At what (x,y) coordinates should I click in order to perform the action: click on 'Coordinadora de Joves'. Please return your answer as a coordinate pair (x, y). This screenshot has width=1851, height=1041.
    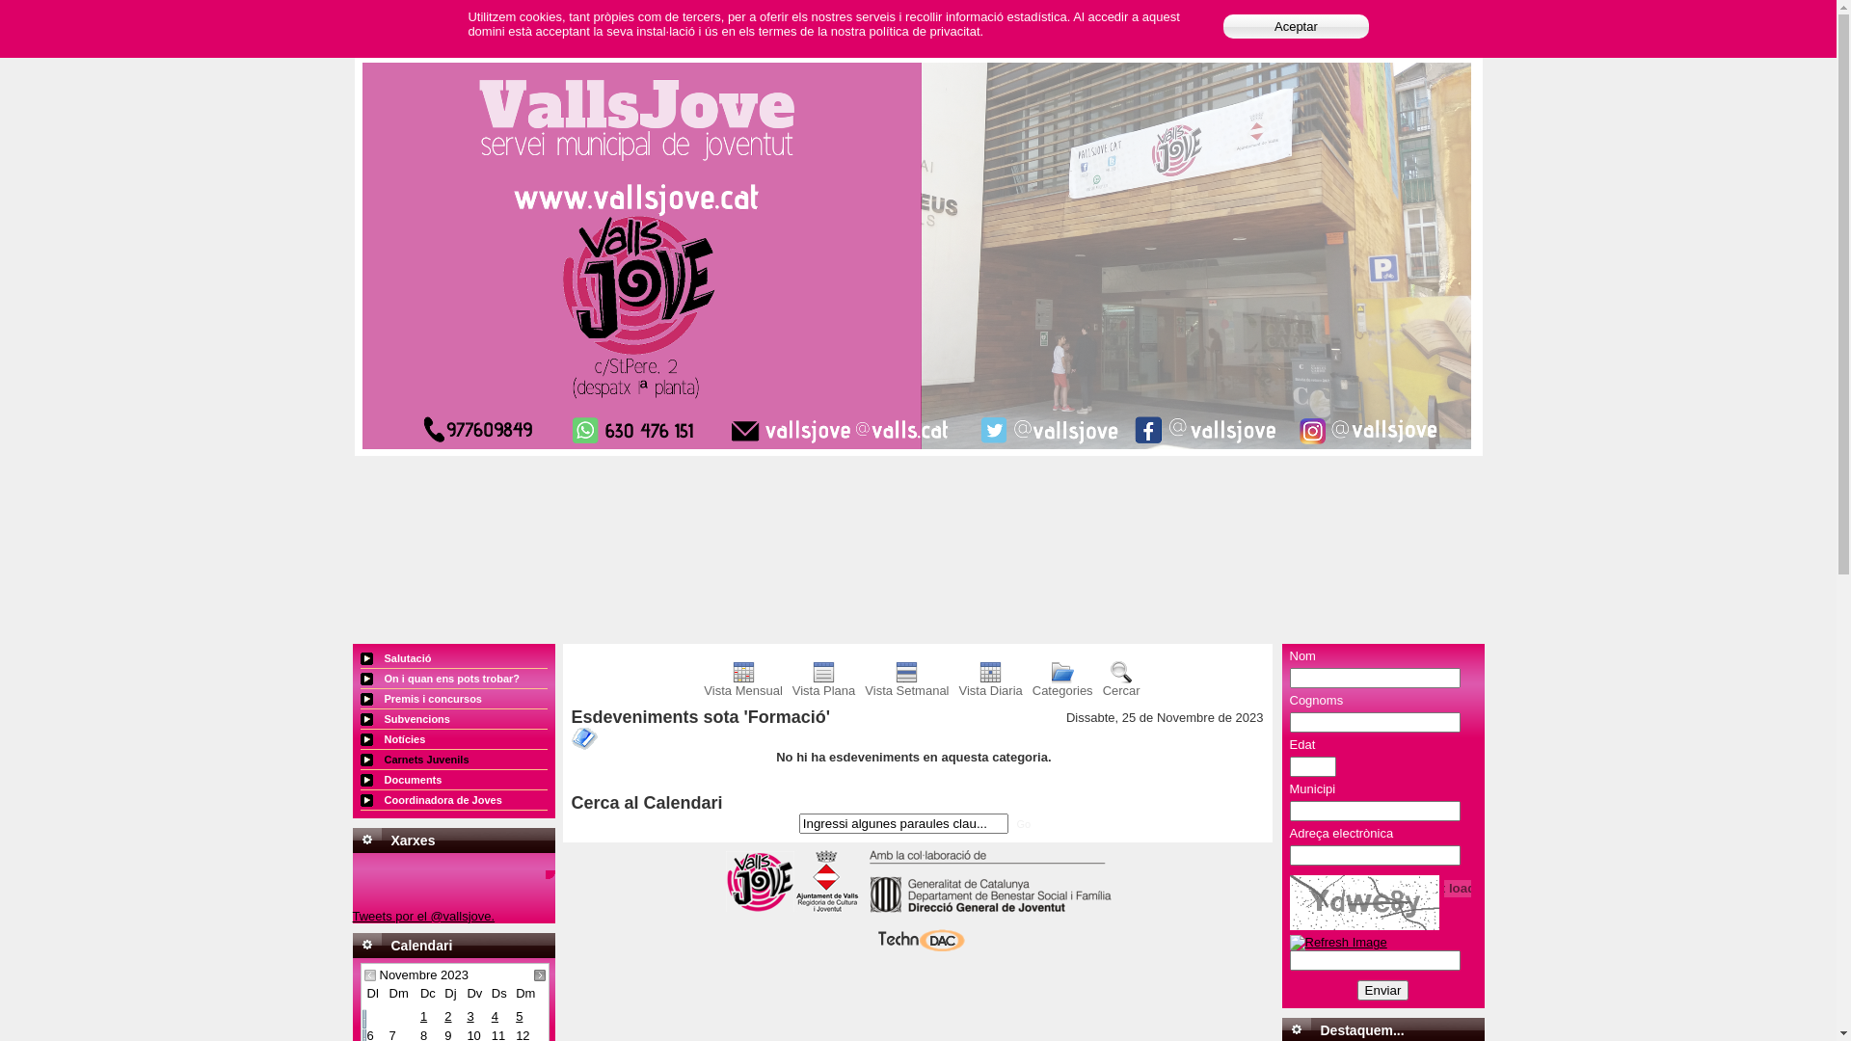
    Looking at the image, I should click on (452, 800).